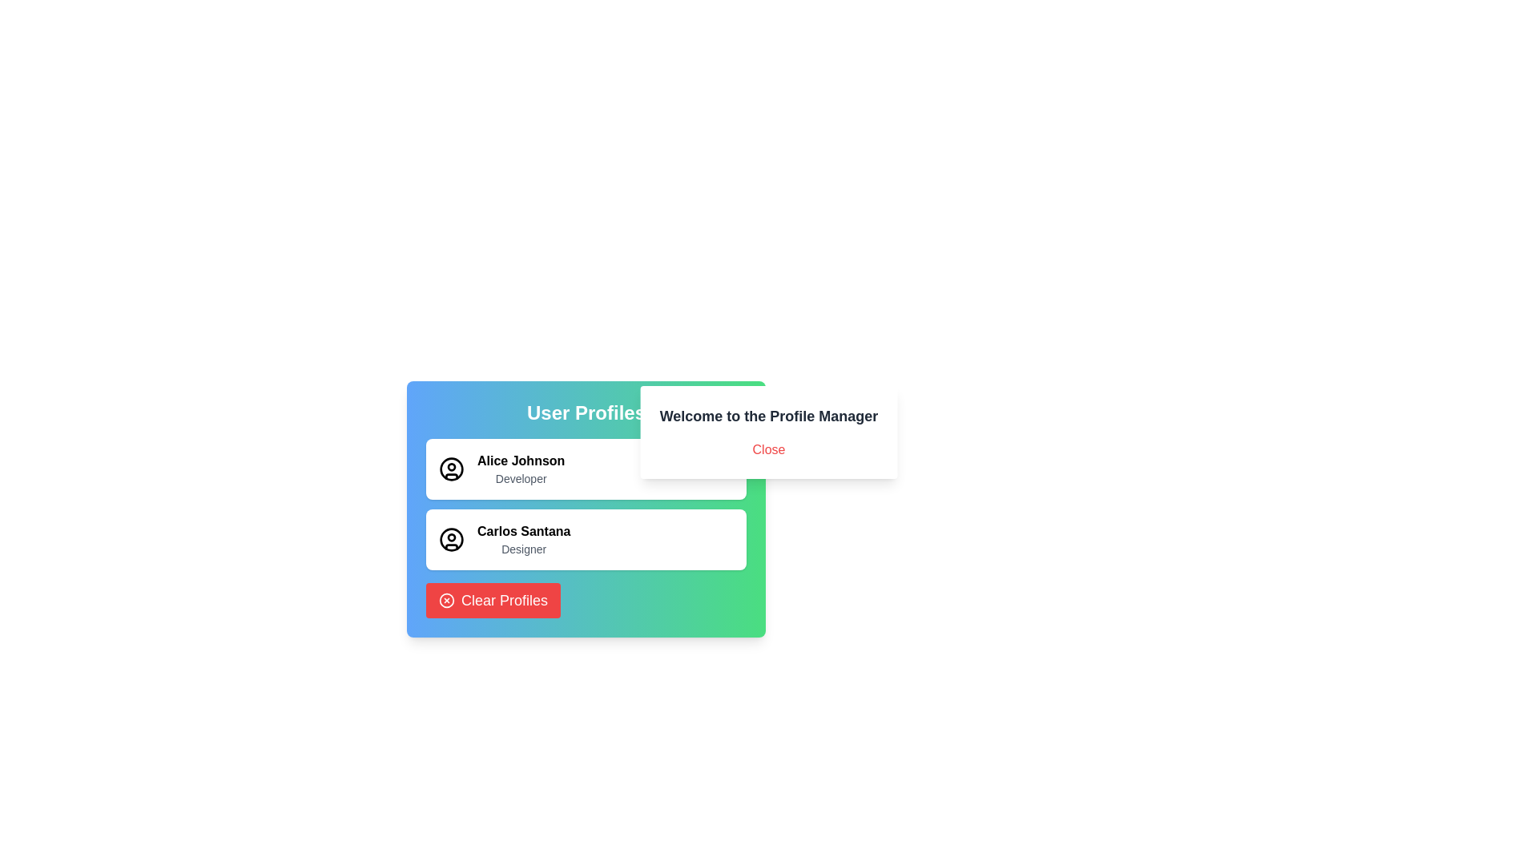  I want to click on the static informational text displaying the user profile for 'Alice Johnson', a Developer, located in the first user profile card in the 'User Profiles' section, so click(521, 469).